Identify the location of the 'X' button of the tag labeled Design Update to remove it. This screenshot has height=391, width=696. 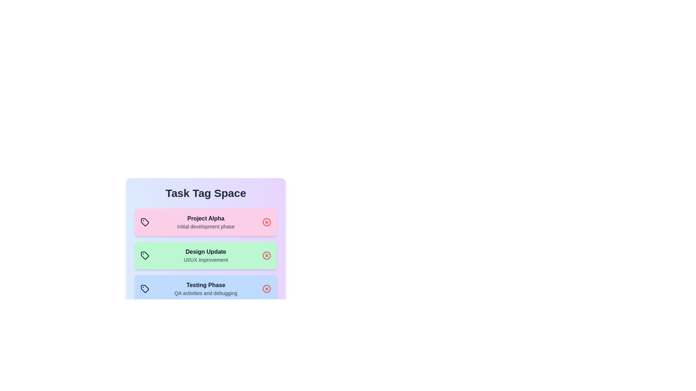
(266, 255).